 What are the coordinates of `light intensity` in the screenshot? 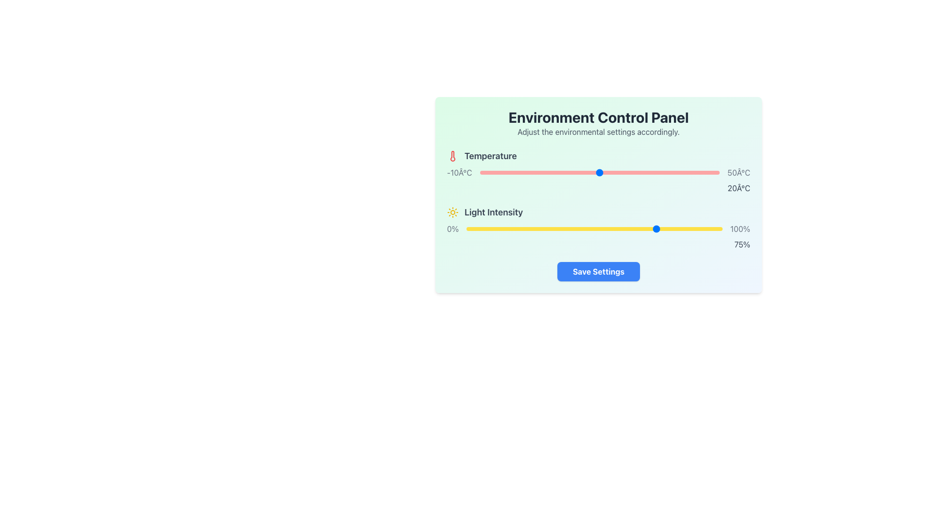 It's located at (720, 229).